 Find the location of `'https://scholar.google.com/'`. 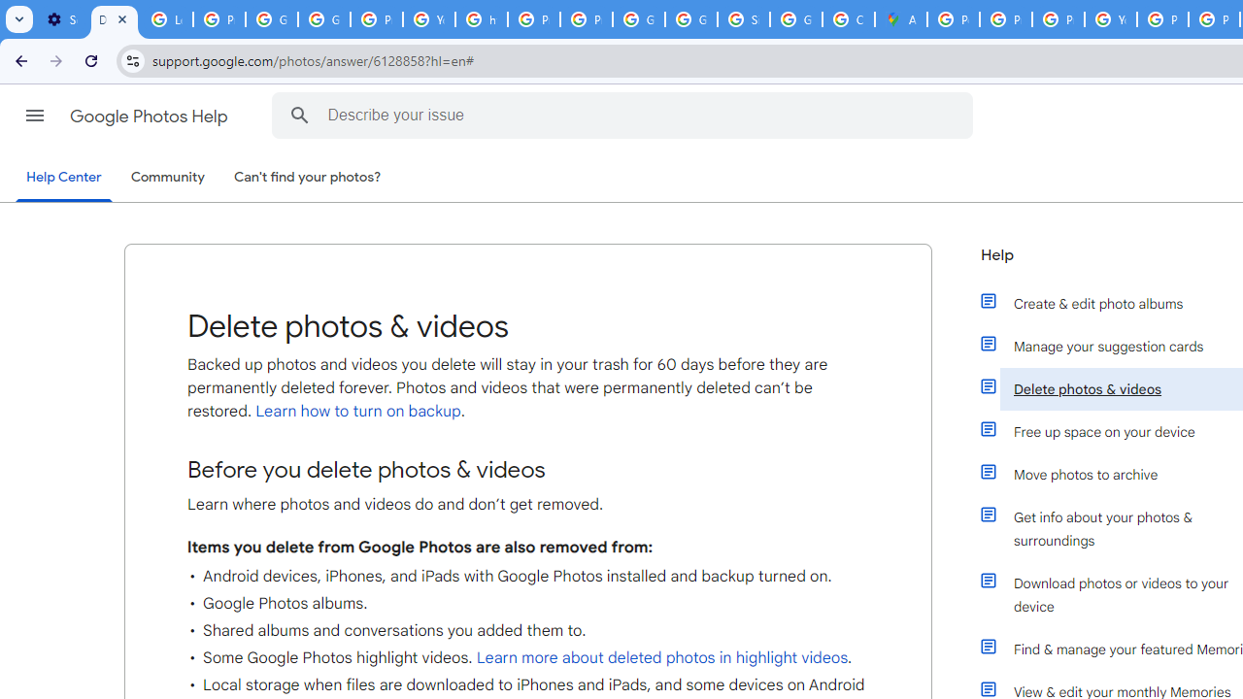

'https://scholar.google.com/' is located at coordinates (482, 19).